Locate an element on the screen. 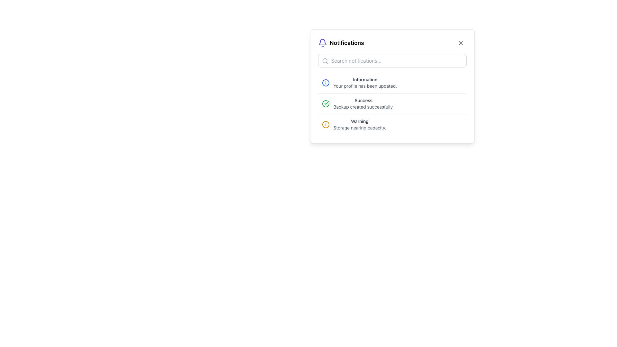 The height and width of the screenshot is (347, 617). the circular warning icon with a yellow-orange border located to the left of the 'Warning' text in the third notification item of the list is located at coordinates (326, 125).